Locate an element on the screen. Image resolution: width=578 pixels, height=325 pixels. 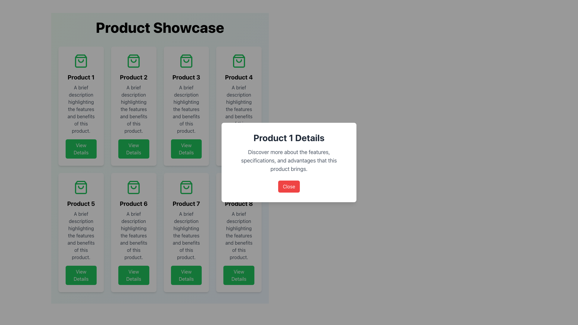
product title and description from the Product card located in the rightmost column of the top row in the grid layout, specifically the fourth item is located at coordinates (238, 106).